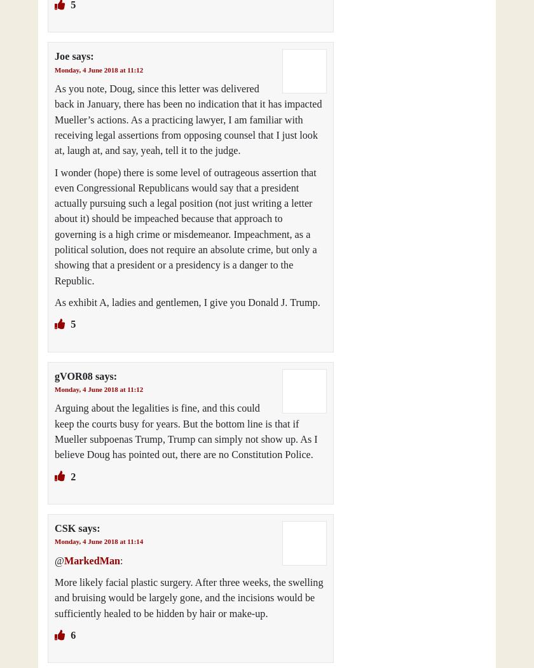  I want to click on 'I wonder (hope) there is some level of outrageous assertion that even Congressional Republicans would say that a president actually pursuing such a legal position (not just writing a letter about it) should be impeached because that approach to governing is a high crime or misdemeanor.  Impeachment, as a political solution, does not require an absolute crime, but only a showing that a president or a presidency is a danger to the Republic.', so click(185, 225).